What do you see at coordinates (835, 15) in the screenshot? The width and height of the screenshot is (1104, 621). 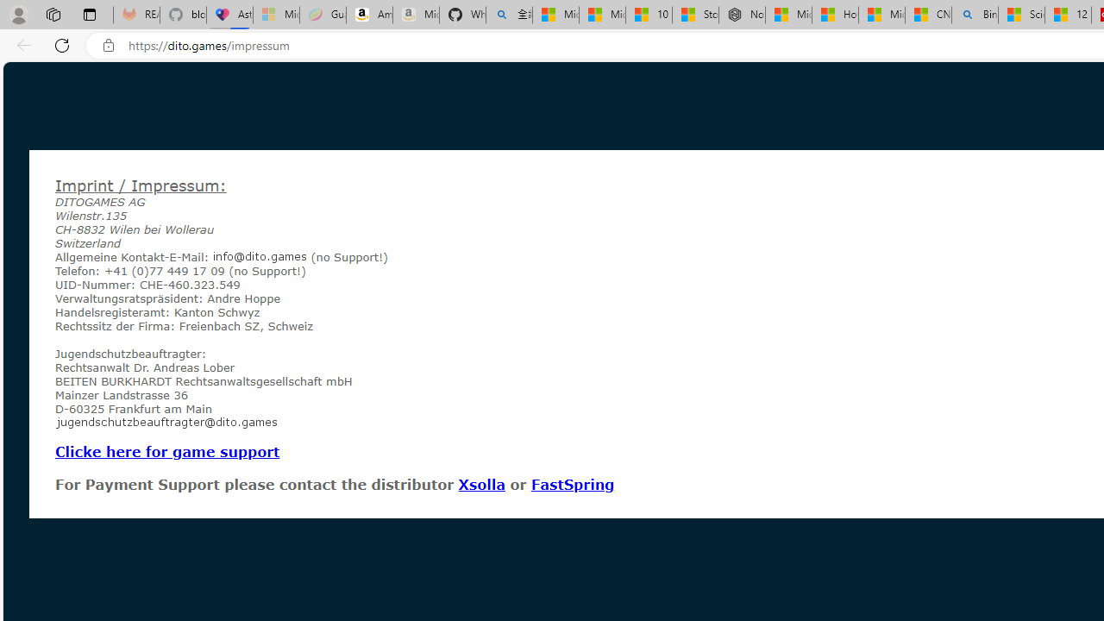 I see `'How I Got Rid of Microsoft Edge'` at bounding box center [835, 15].